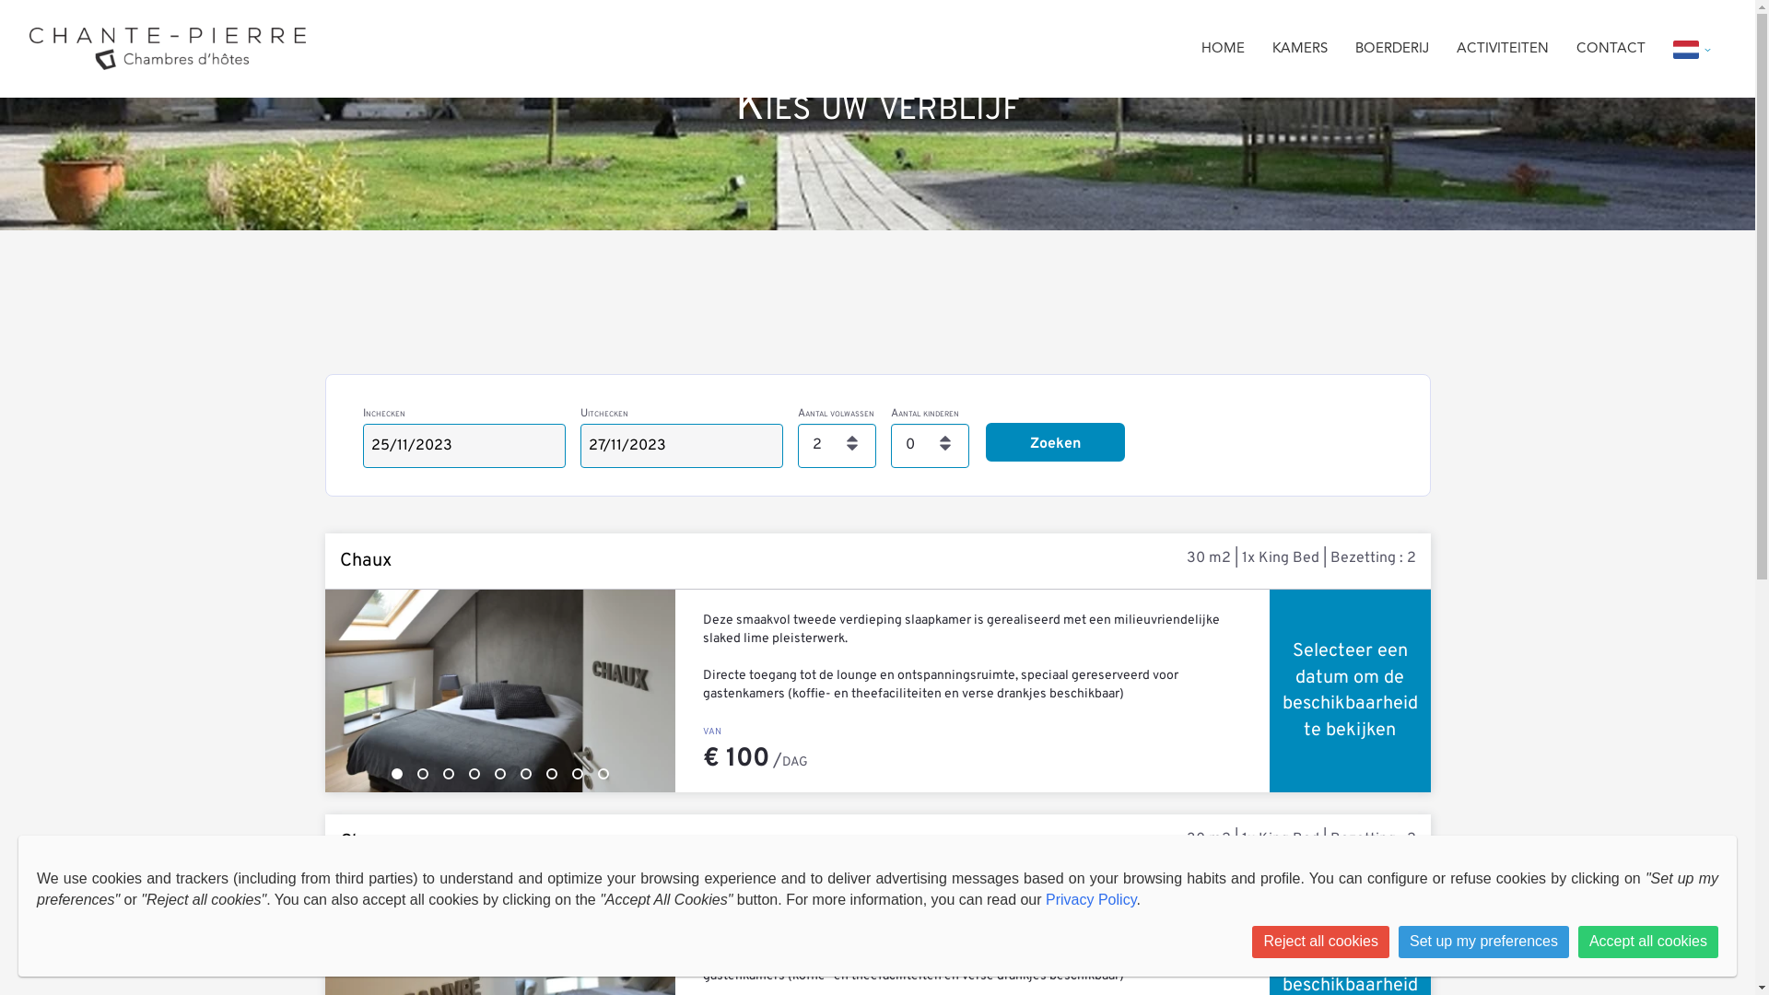  Describe the element at coordinates (1483, 942) in the screenshot. I see `'Set up my preferences'` at that location.